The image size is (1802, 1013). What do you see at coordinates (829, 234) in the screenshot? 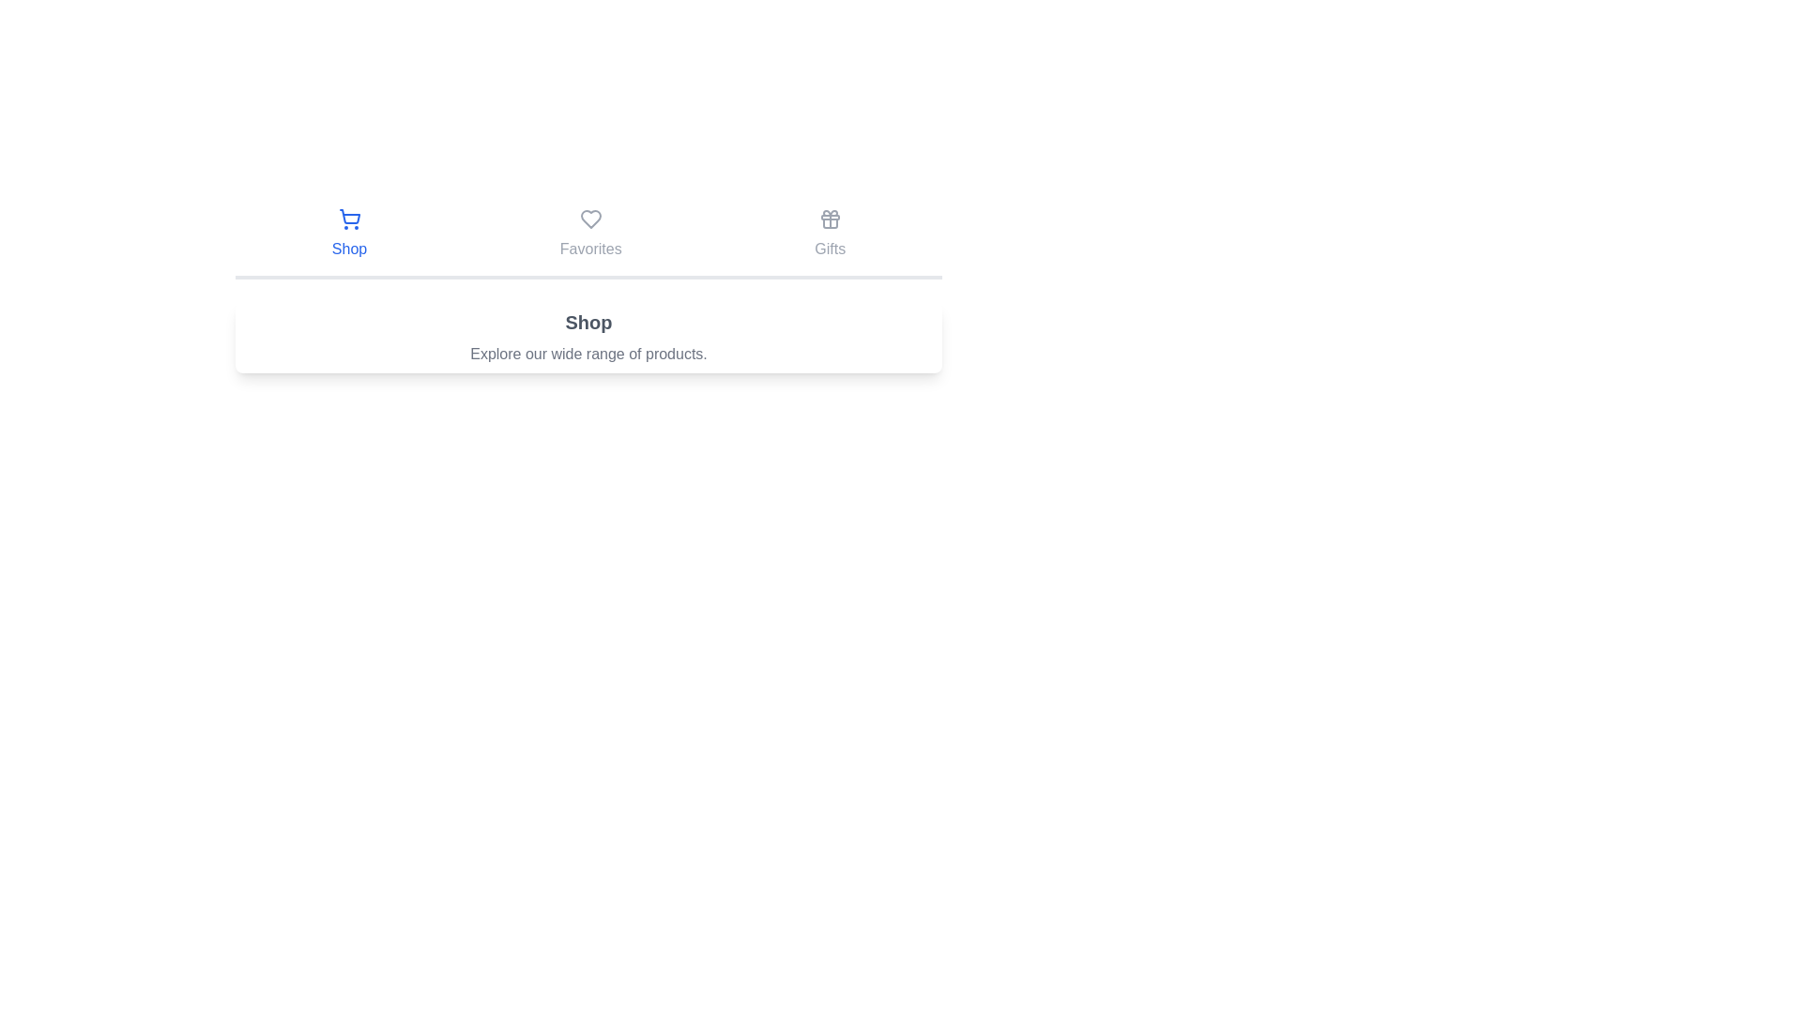
I see `the Gifts tab` at bounding box center [829, 234].